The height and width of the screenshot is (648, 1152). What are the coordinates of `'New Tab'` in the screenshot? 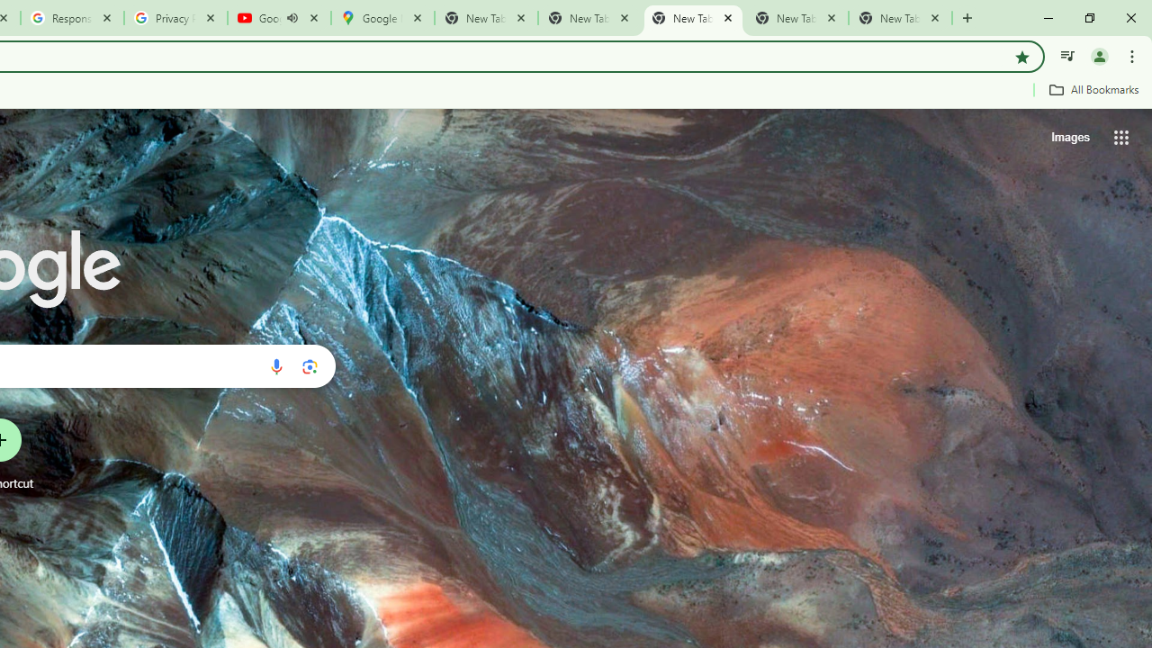 It's located at (900, 18).